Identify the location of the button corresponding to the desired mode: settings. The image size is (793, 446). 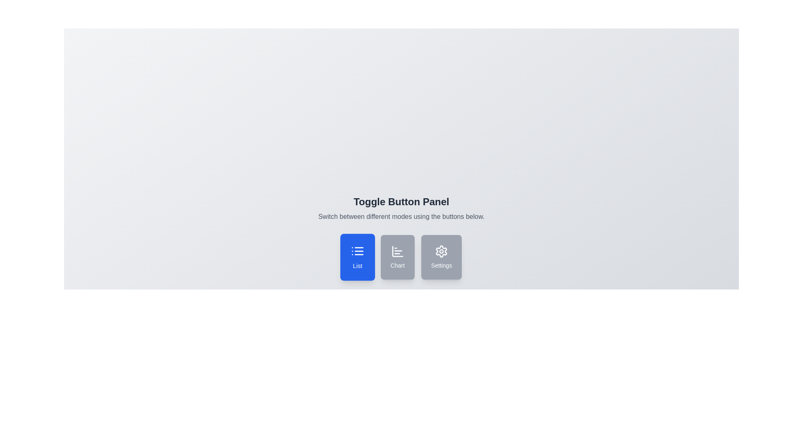
(441, 257).